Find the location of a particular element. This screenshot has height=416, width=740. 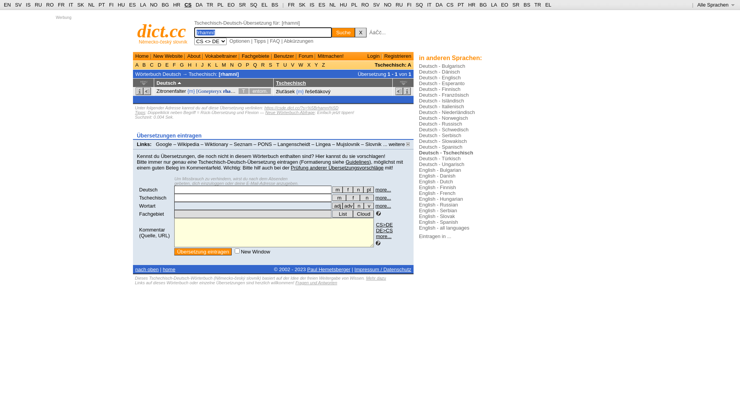

'IT' is located at coordinates (71, 5).